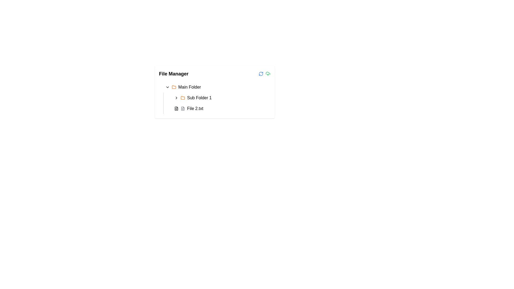  Describe the element at coordinates (176, 108) in the screenshot. I see `the file icon in the 'File Manager' application that represents 'File 2.txt'` at that location.